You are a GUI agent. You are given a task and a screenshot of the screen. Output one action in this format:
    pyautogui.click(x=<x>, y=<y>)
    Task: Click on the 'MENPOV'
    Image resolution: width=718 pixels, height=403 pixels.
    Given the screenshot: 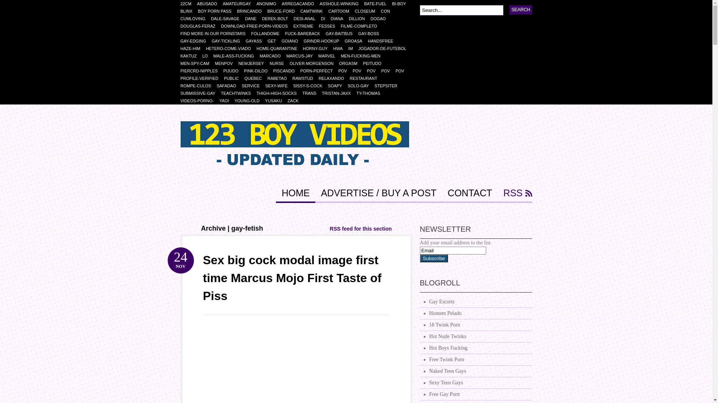 What is the action you would take?
    pyautogui.click(x=226, y=63)
    